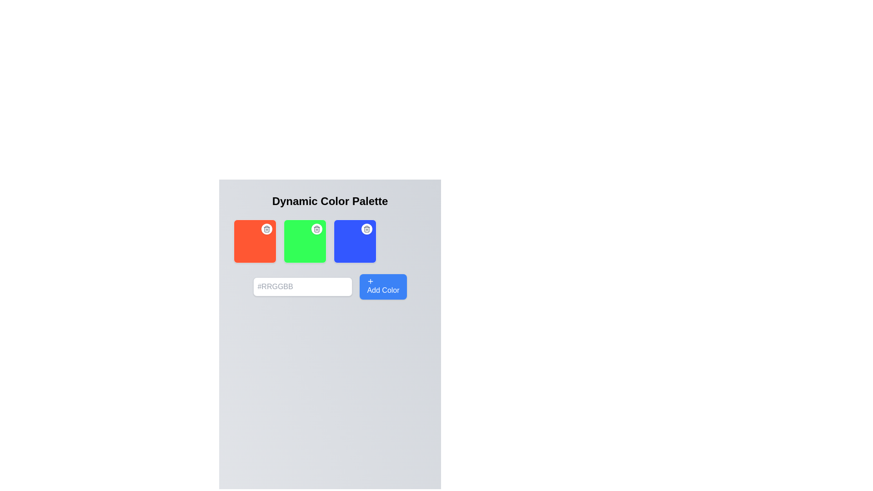 The image size is (873, 491). I want to click on the input box of the color adding interface located below the three color squares, which allows the user to specify a color code, so click(329, 287).